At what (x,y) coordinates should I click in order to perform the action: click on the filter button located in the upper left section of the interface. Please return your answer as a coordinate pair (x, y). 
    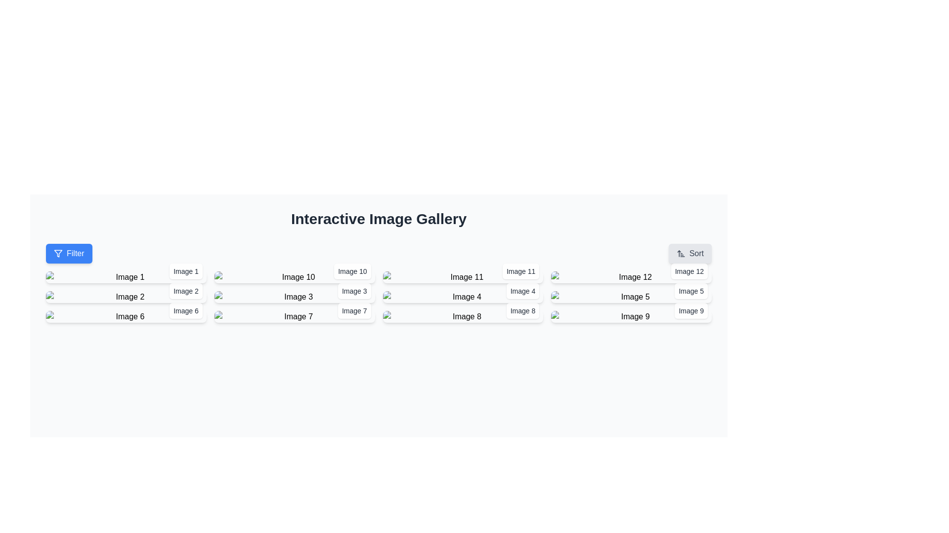
    Looking at the image, I should click on (68, 253).